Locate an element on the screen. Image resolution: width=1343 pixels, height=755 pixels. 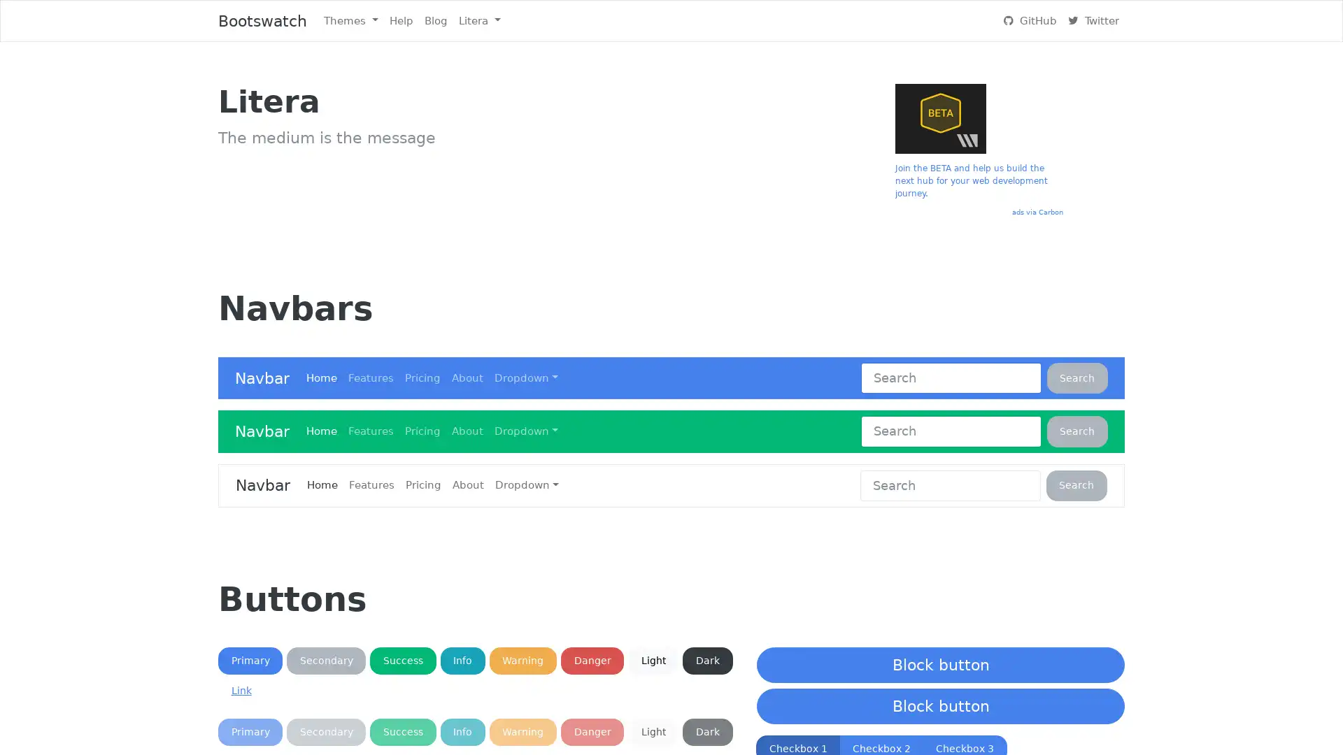
Dark is located at coordinates (707, 731).